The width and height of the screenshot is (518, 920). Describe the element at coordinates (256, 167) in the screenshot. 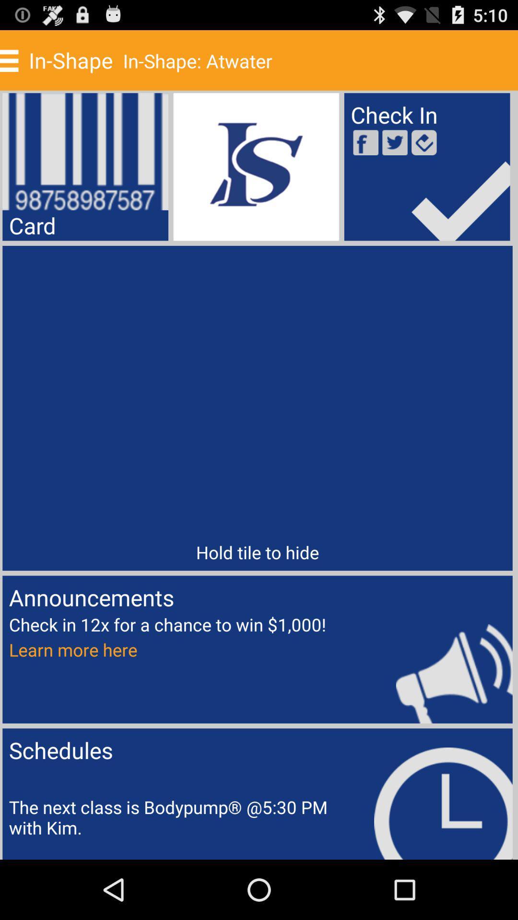

I see `the icon which is left side of the check in` at that location.